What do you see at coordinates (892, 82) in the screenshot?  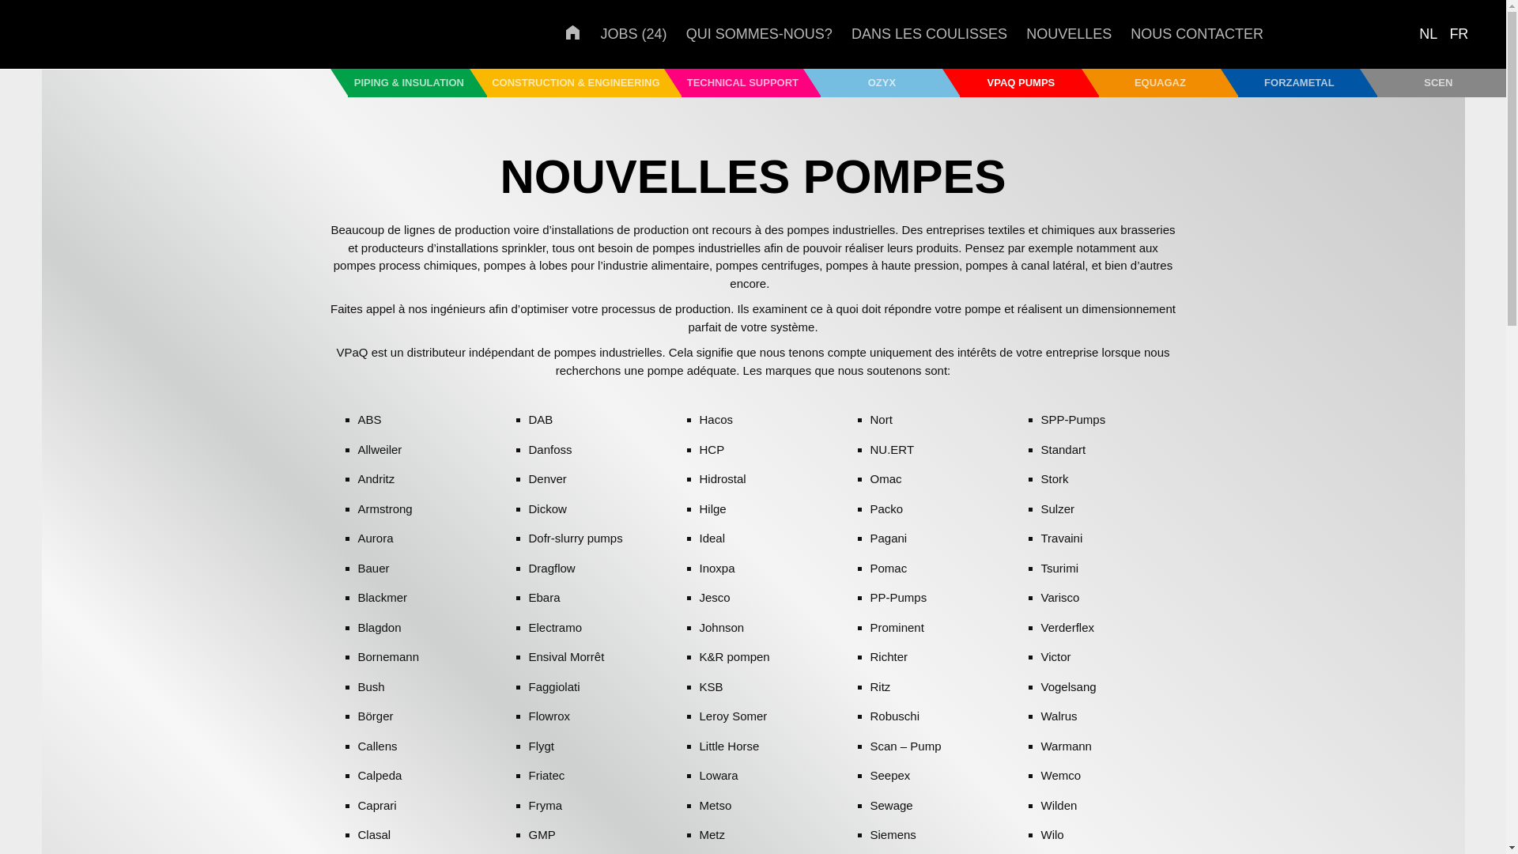 I see `'OZYX'` at bounding box center [892, 82].